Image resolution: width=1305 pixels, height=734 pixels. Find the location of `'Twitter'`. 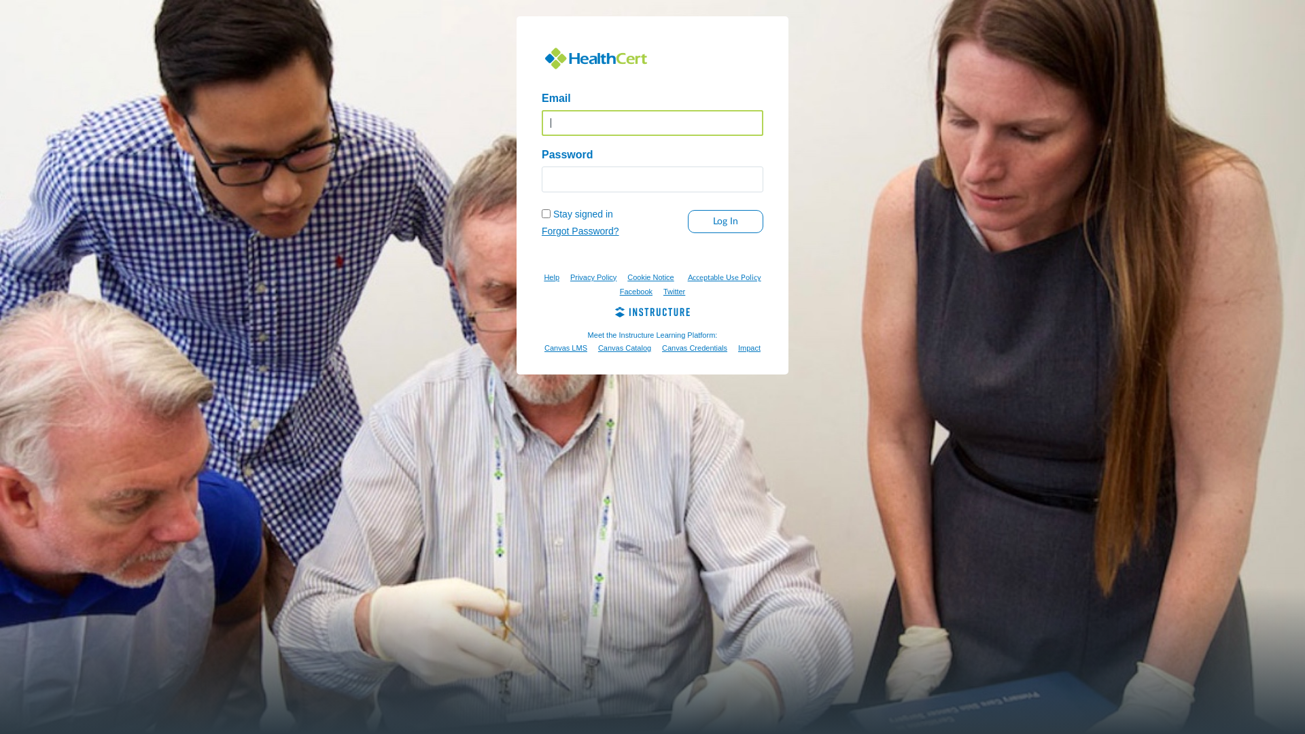

'Twitter' is located at coordinates (674, 290).